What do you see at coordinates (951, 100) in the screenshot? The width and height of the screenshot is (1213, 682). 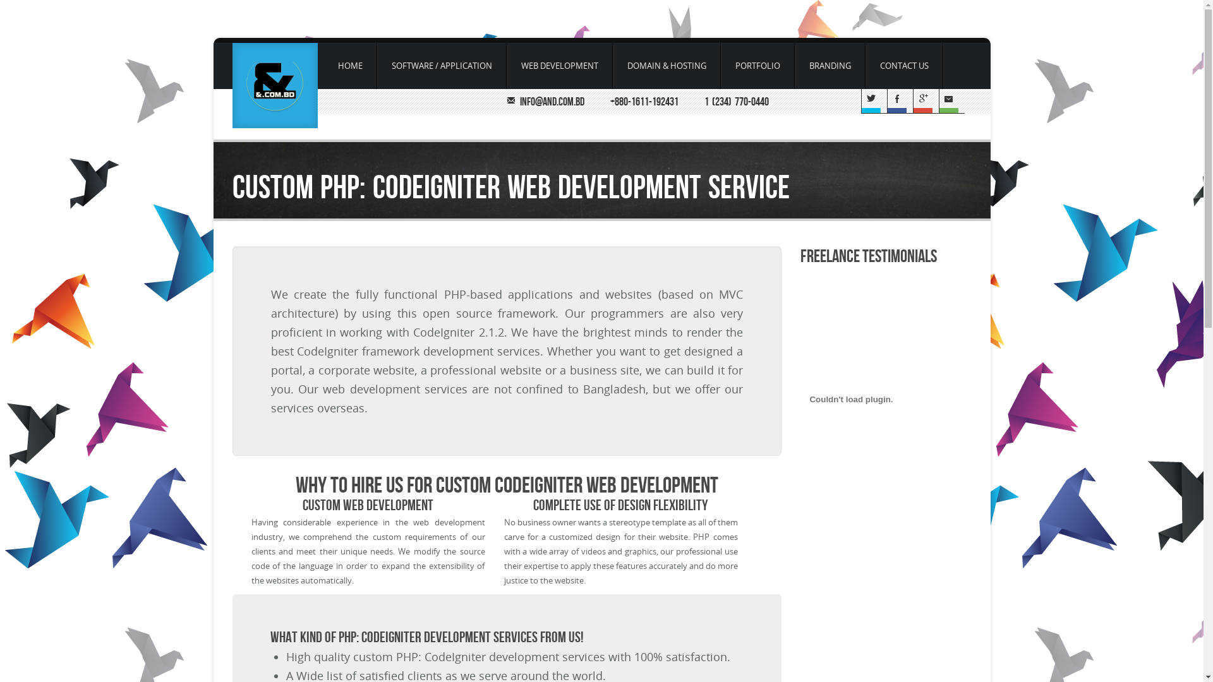 I see `'Email'` at bounding box center [951, 100].